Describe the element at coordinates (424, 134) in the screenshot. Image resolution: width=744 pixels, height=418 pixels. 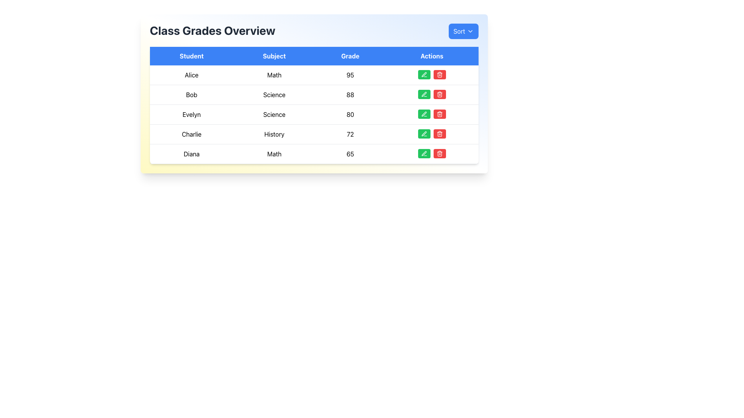
I see `the pencil icon located in the 'Actions' column for student 'Charlie' in the History row` at that location.